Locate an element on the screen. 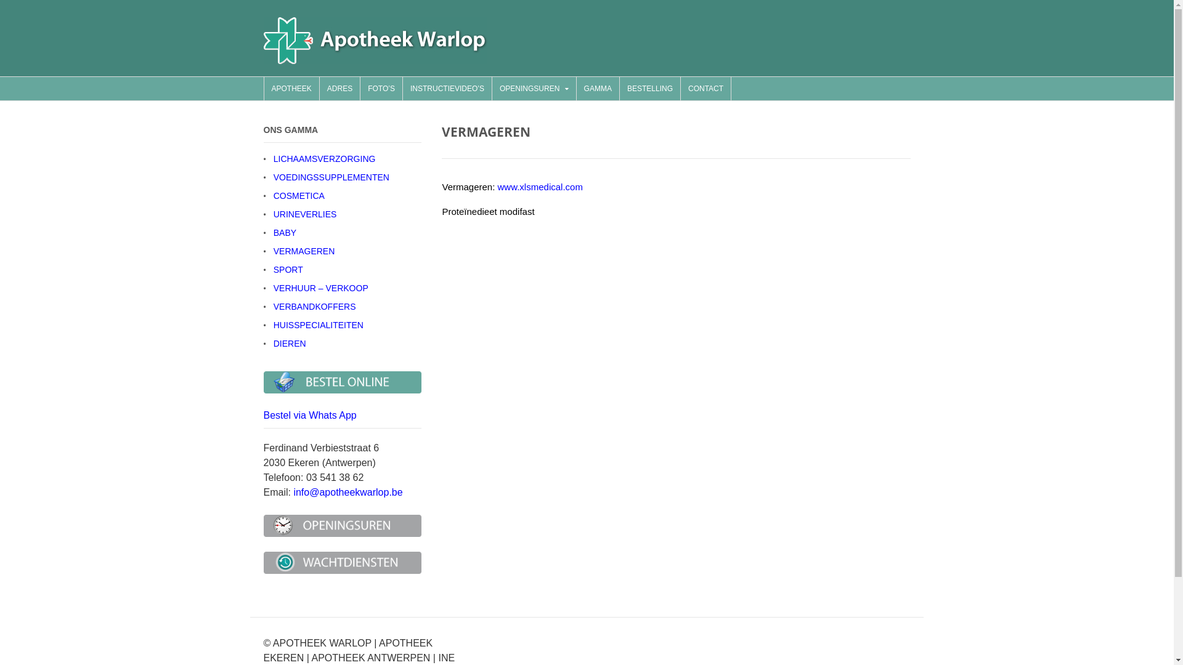  'info@apotheekwarlop.be' is located at coordinates (347, 491).